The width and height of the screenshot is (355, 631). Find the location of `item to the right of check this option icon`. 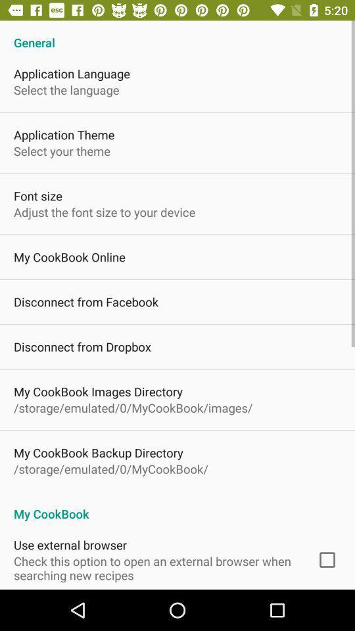

item to the right of check this option icon is located at coordinates (326, 559).